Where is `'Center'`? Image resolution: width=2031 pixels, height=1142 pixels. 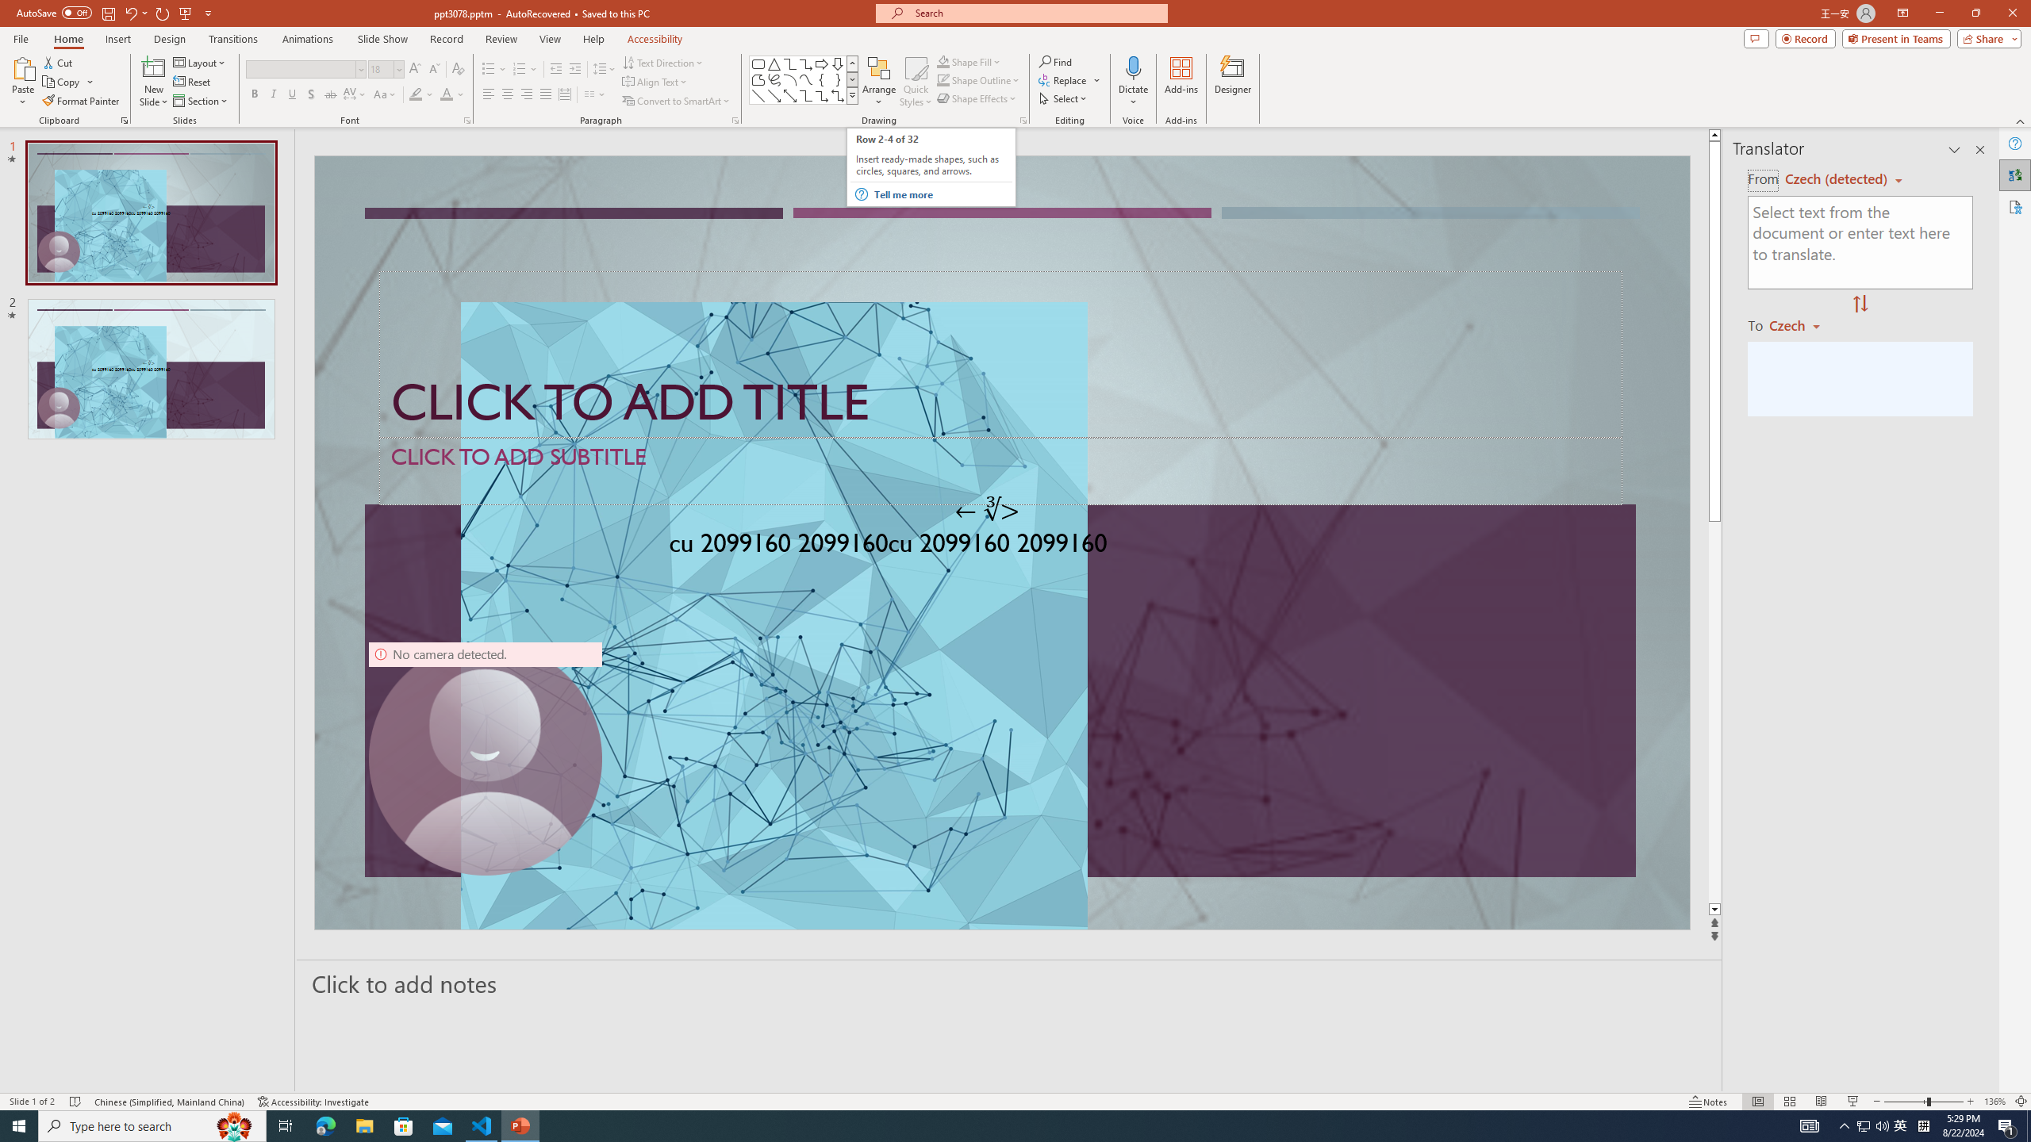 'Center' is located at coordinates (508, 94).